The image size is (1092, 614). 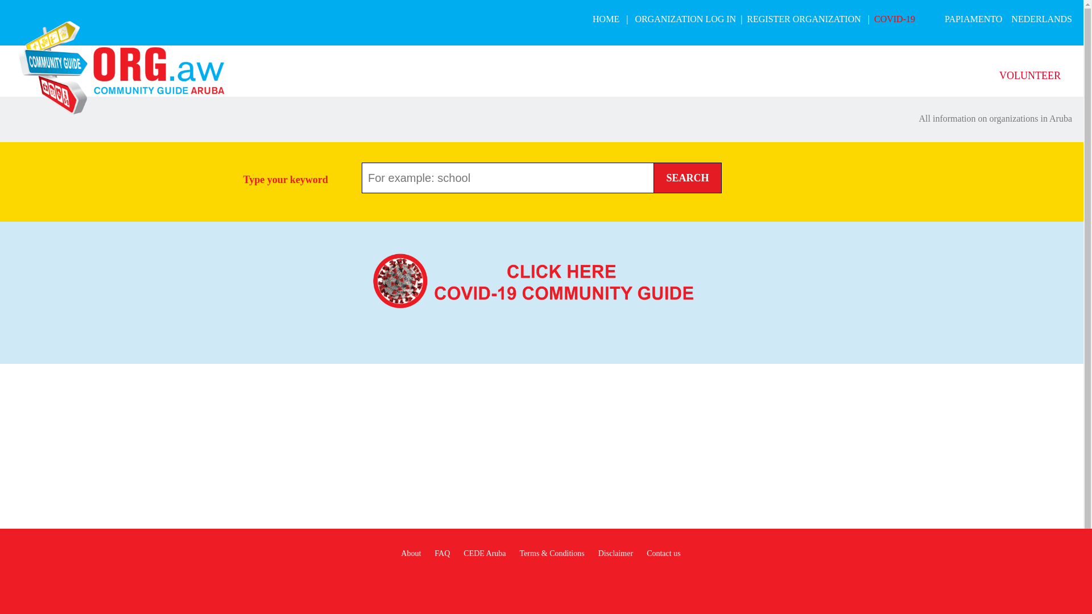 What do you see at coordinates (803, 19) in the screenshot?
I see `'REGISTER ORGANIZATION'` at bounding box center [803, 19].